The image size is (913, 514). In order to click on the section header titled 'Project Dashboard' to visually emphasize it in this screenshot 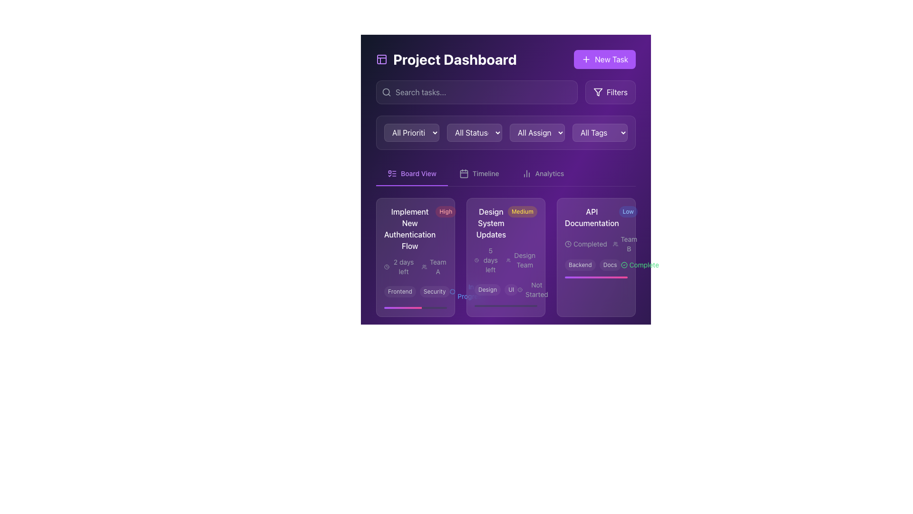, I will do `click(505, 59)`.